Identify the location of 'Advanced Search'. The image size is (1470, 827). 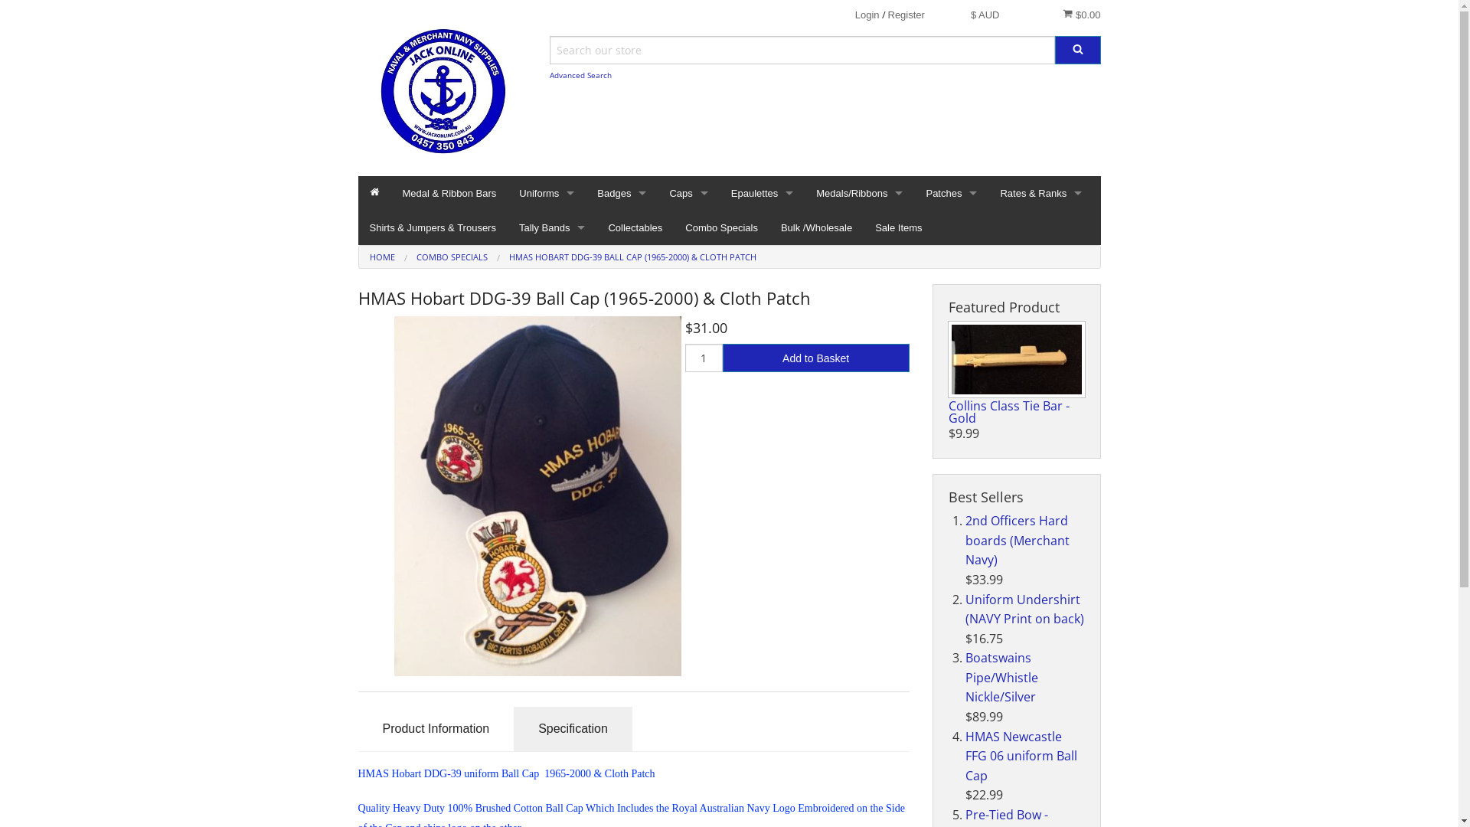
(550, 75).